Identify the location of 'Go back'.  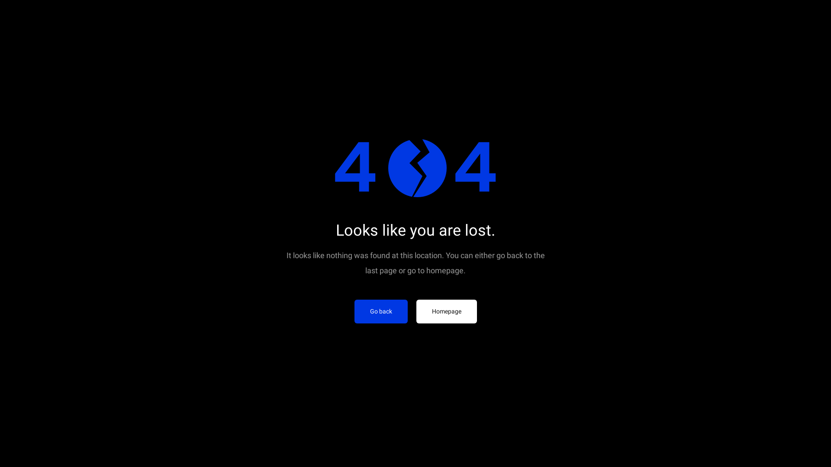
(380, 311).